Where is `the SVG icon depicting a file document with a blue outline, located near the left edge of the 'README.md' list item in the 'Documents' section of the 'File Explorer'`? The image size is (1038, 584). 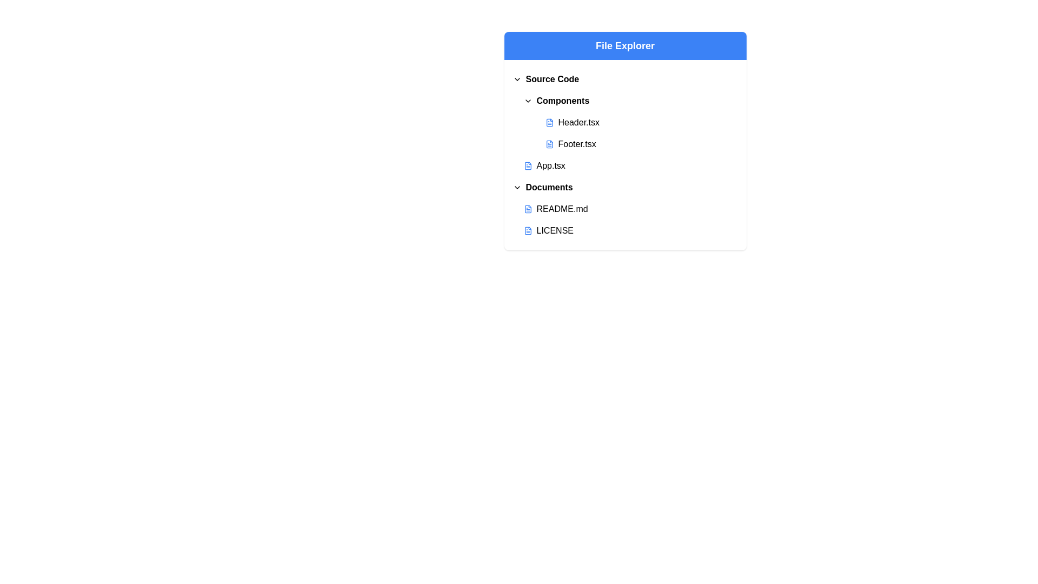
the SVG icon depicting a file document with a blue outline, located near the left edge of the 'README.md' list item in the 'Documents' section of the 'File Explorer' is located at coordinates (528, 209).